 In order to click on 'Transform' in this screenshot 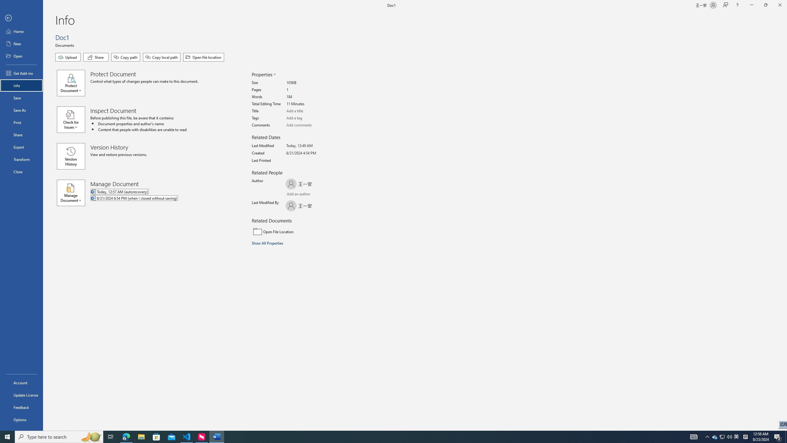, I will do `click(21, 159)`.